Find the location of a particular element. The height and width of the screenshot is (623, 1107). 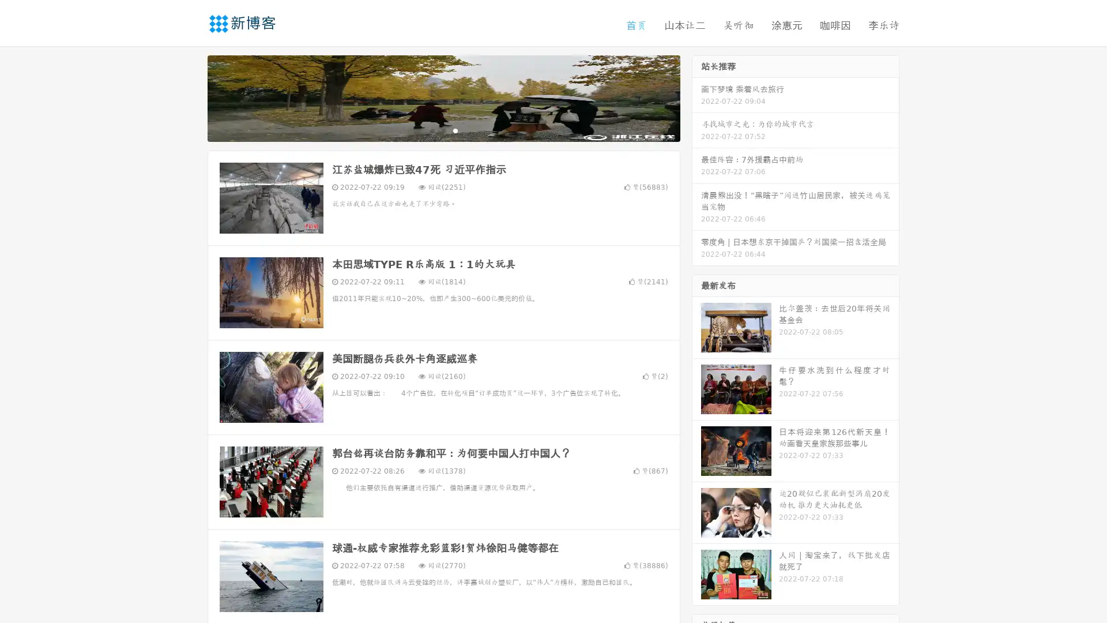

Previous slide is located at coordinates (190, 97).